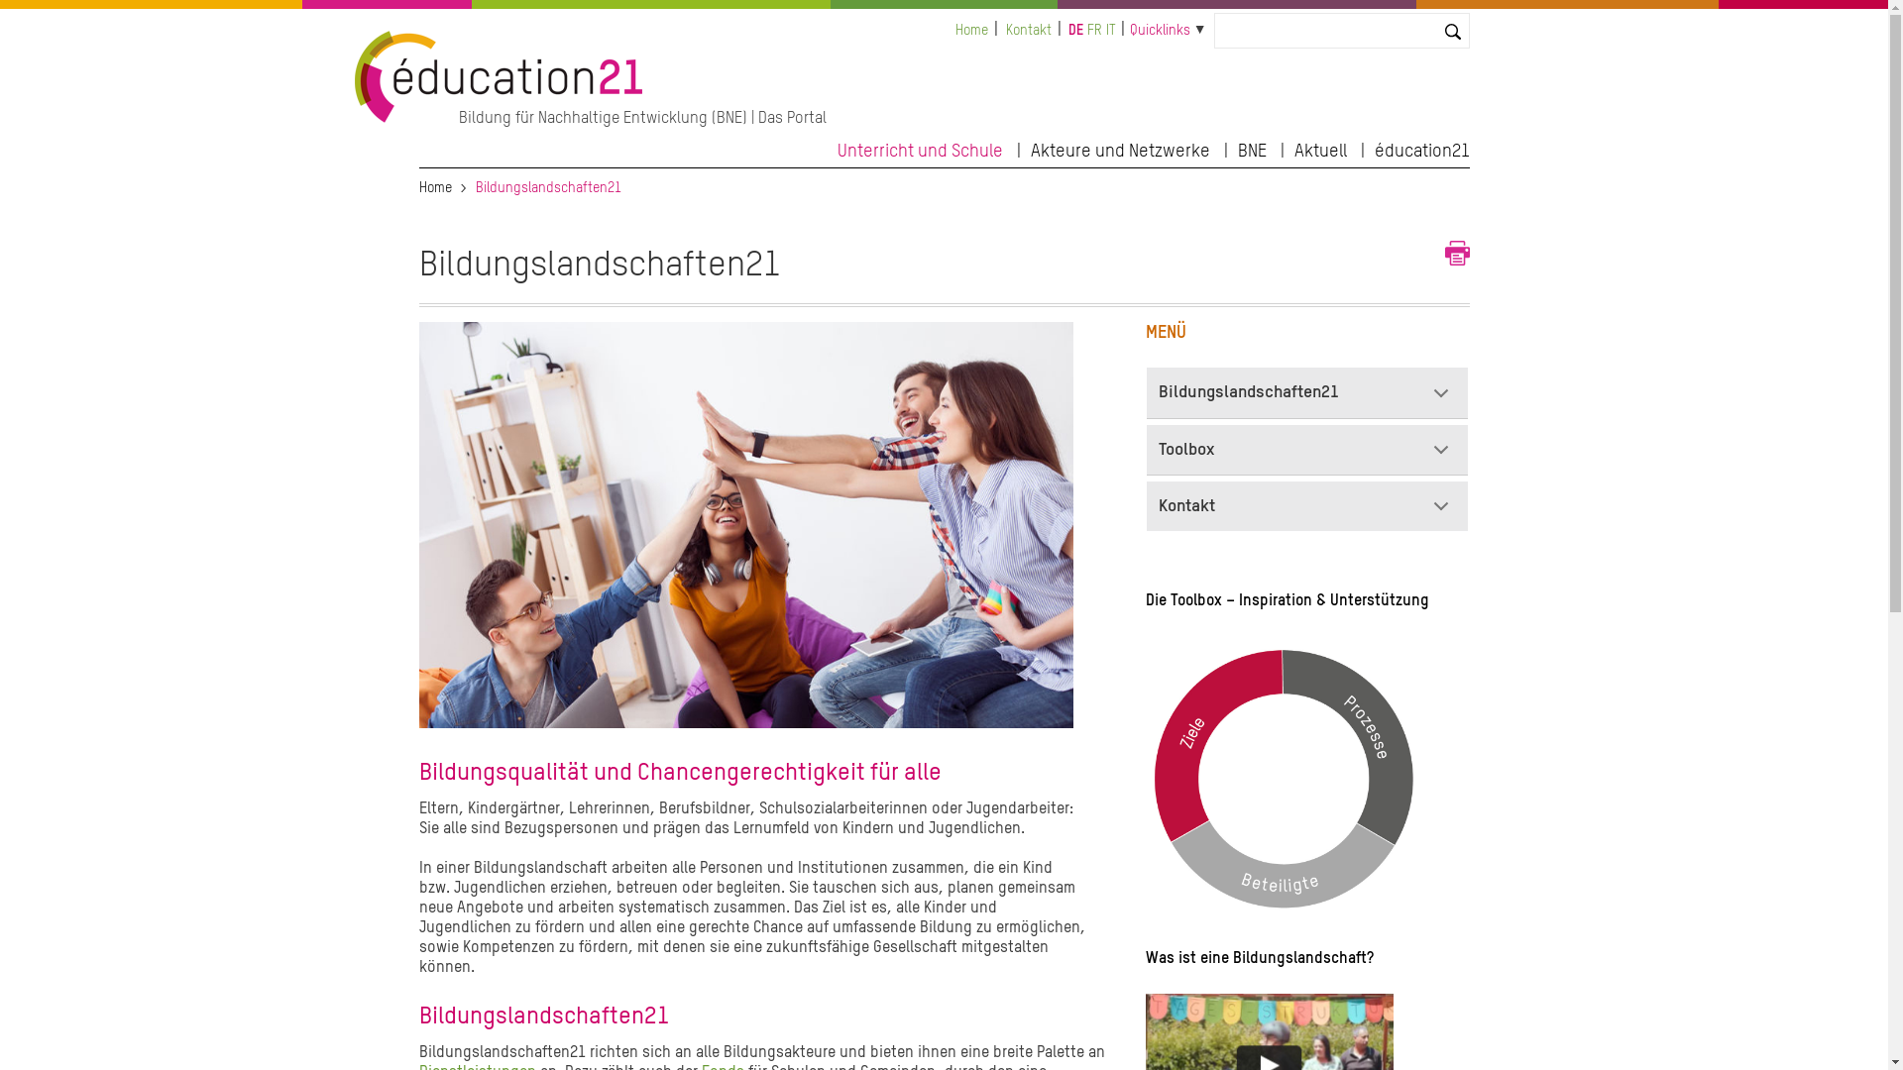 The width and height of the screenshot is (1903, 1070). Describe the element at coordinates (1307, 504) in the screenshot. I see `'Kontakt'` at that location.